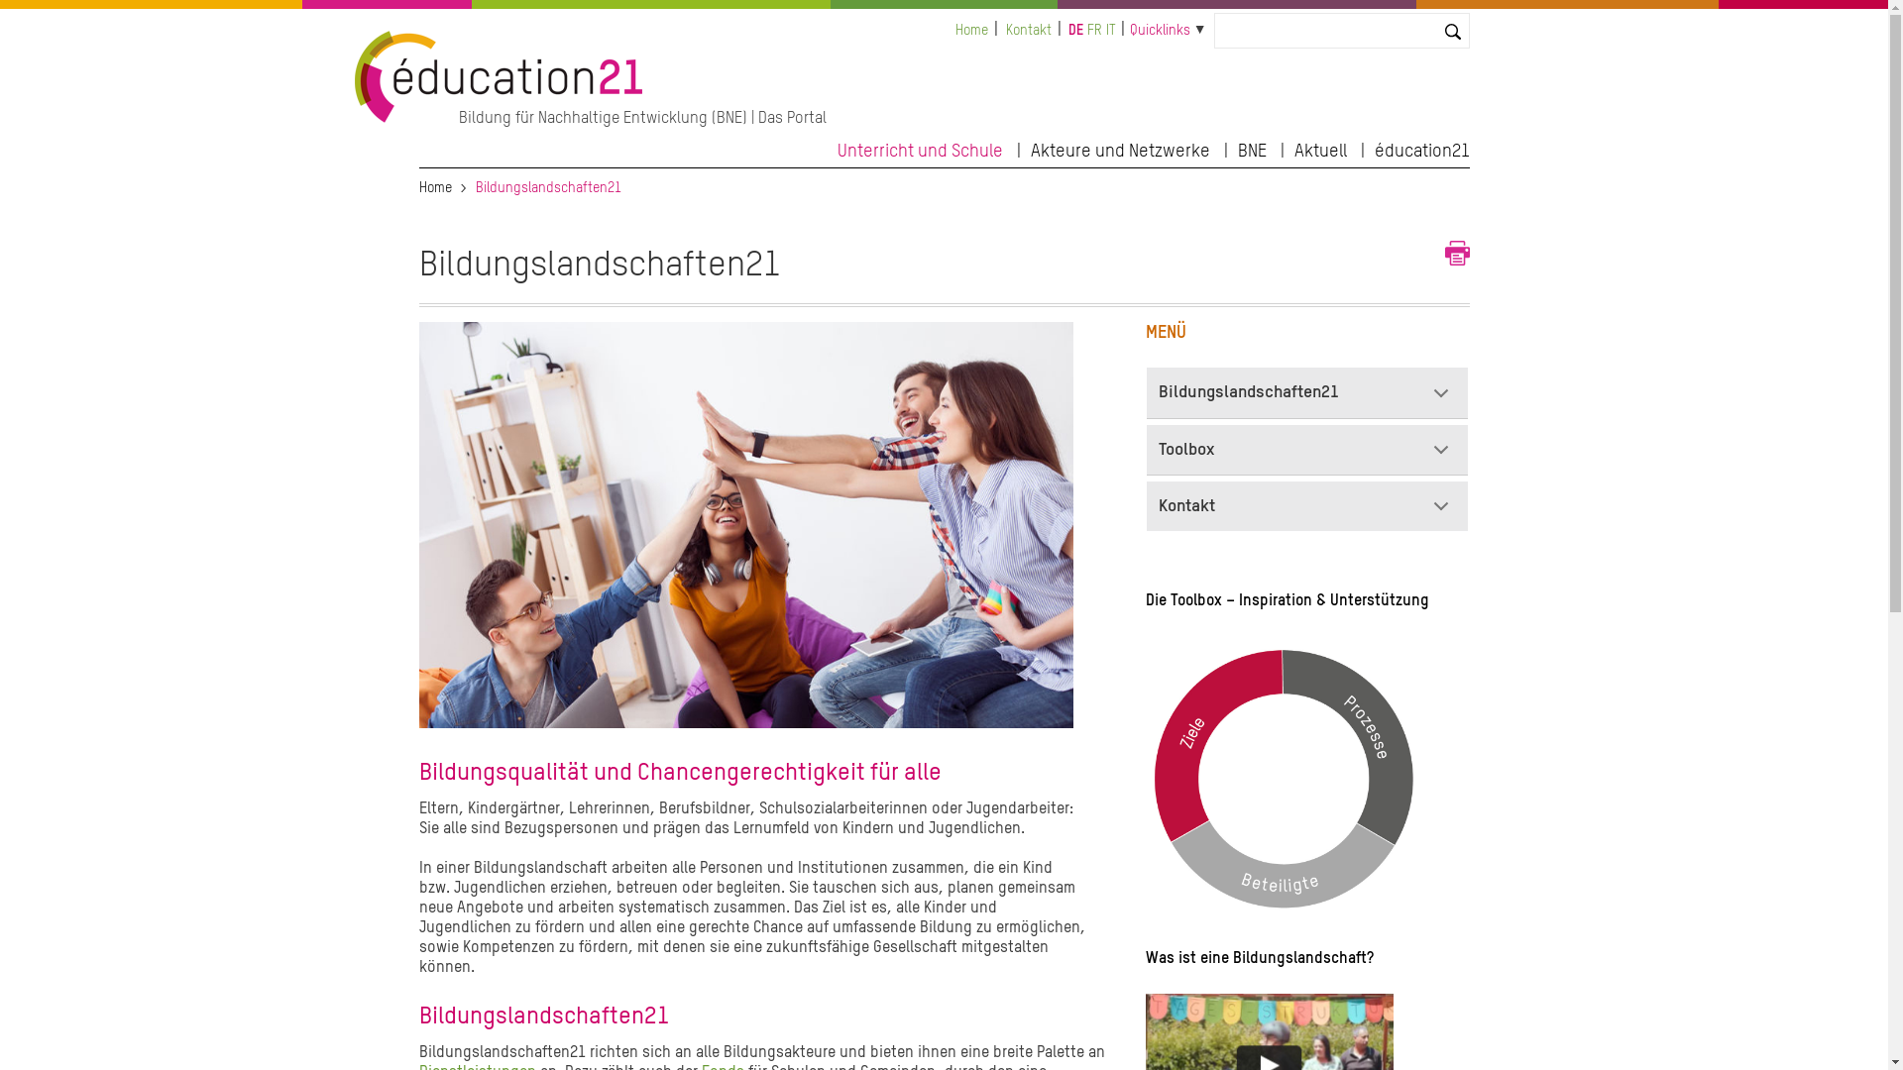 The width and height of the screenshot is (1903, 1070). Describe the element at coordinates (1307, 504) in the screenshot. I see `'Kontakt'` at that location.